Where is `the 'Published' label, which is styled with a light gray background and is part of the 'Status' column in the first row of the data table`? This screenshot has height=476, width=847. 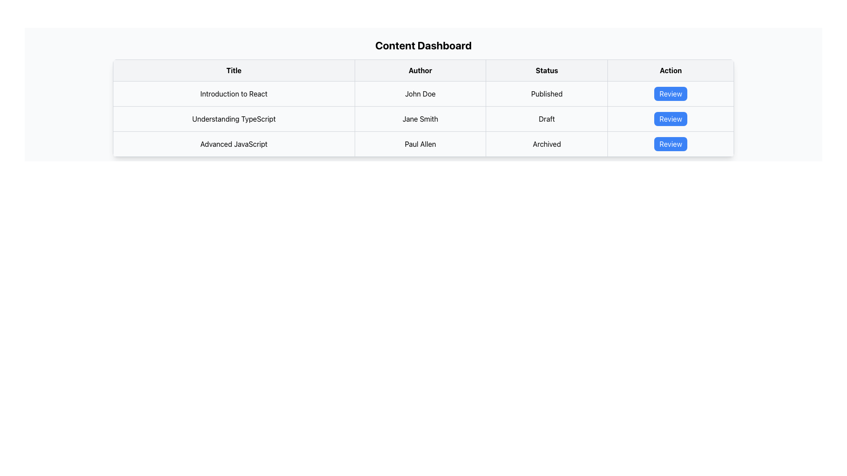 the 'Published' label, which is styled with a light gray background and is part of the 'Status' column in the first row of the data table is located at coordinates (546, 93).